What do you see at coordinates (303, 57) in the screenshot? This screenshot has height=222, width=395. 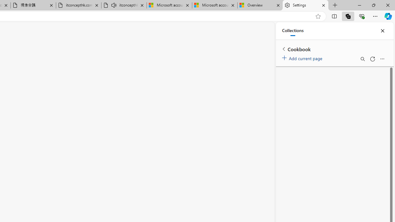 I see `'Add current page'` at bounding box center [303, 57].